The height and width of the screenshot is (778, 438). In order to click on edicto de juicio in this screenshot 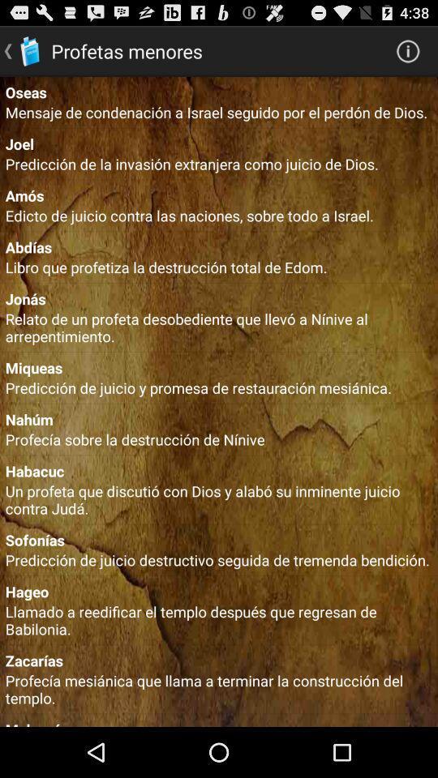, I will do `click(219, 214)`.